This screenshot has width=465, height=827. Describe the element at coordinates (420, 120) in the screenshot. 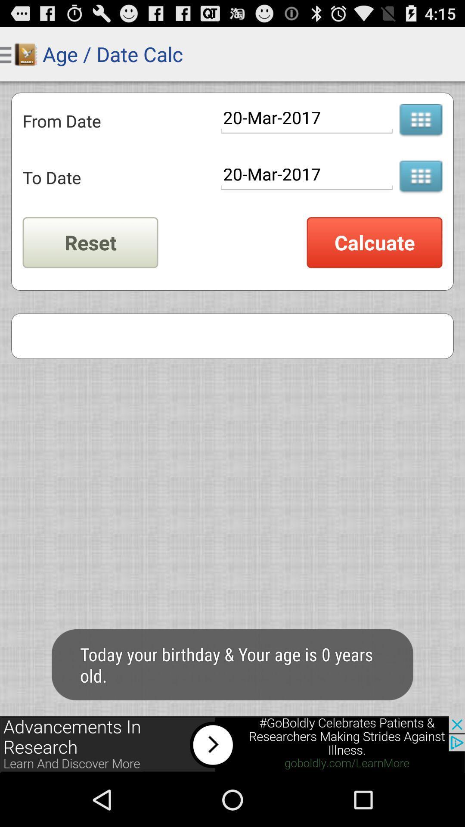

I see `date using calendar` at that location.